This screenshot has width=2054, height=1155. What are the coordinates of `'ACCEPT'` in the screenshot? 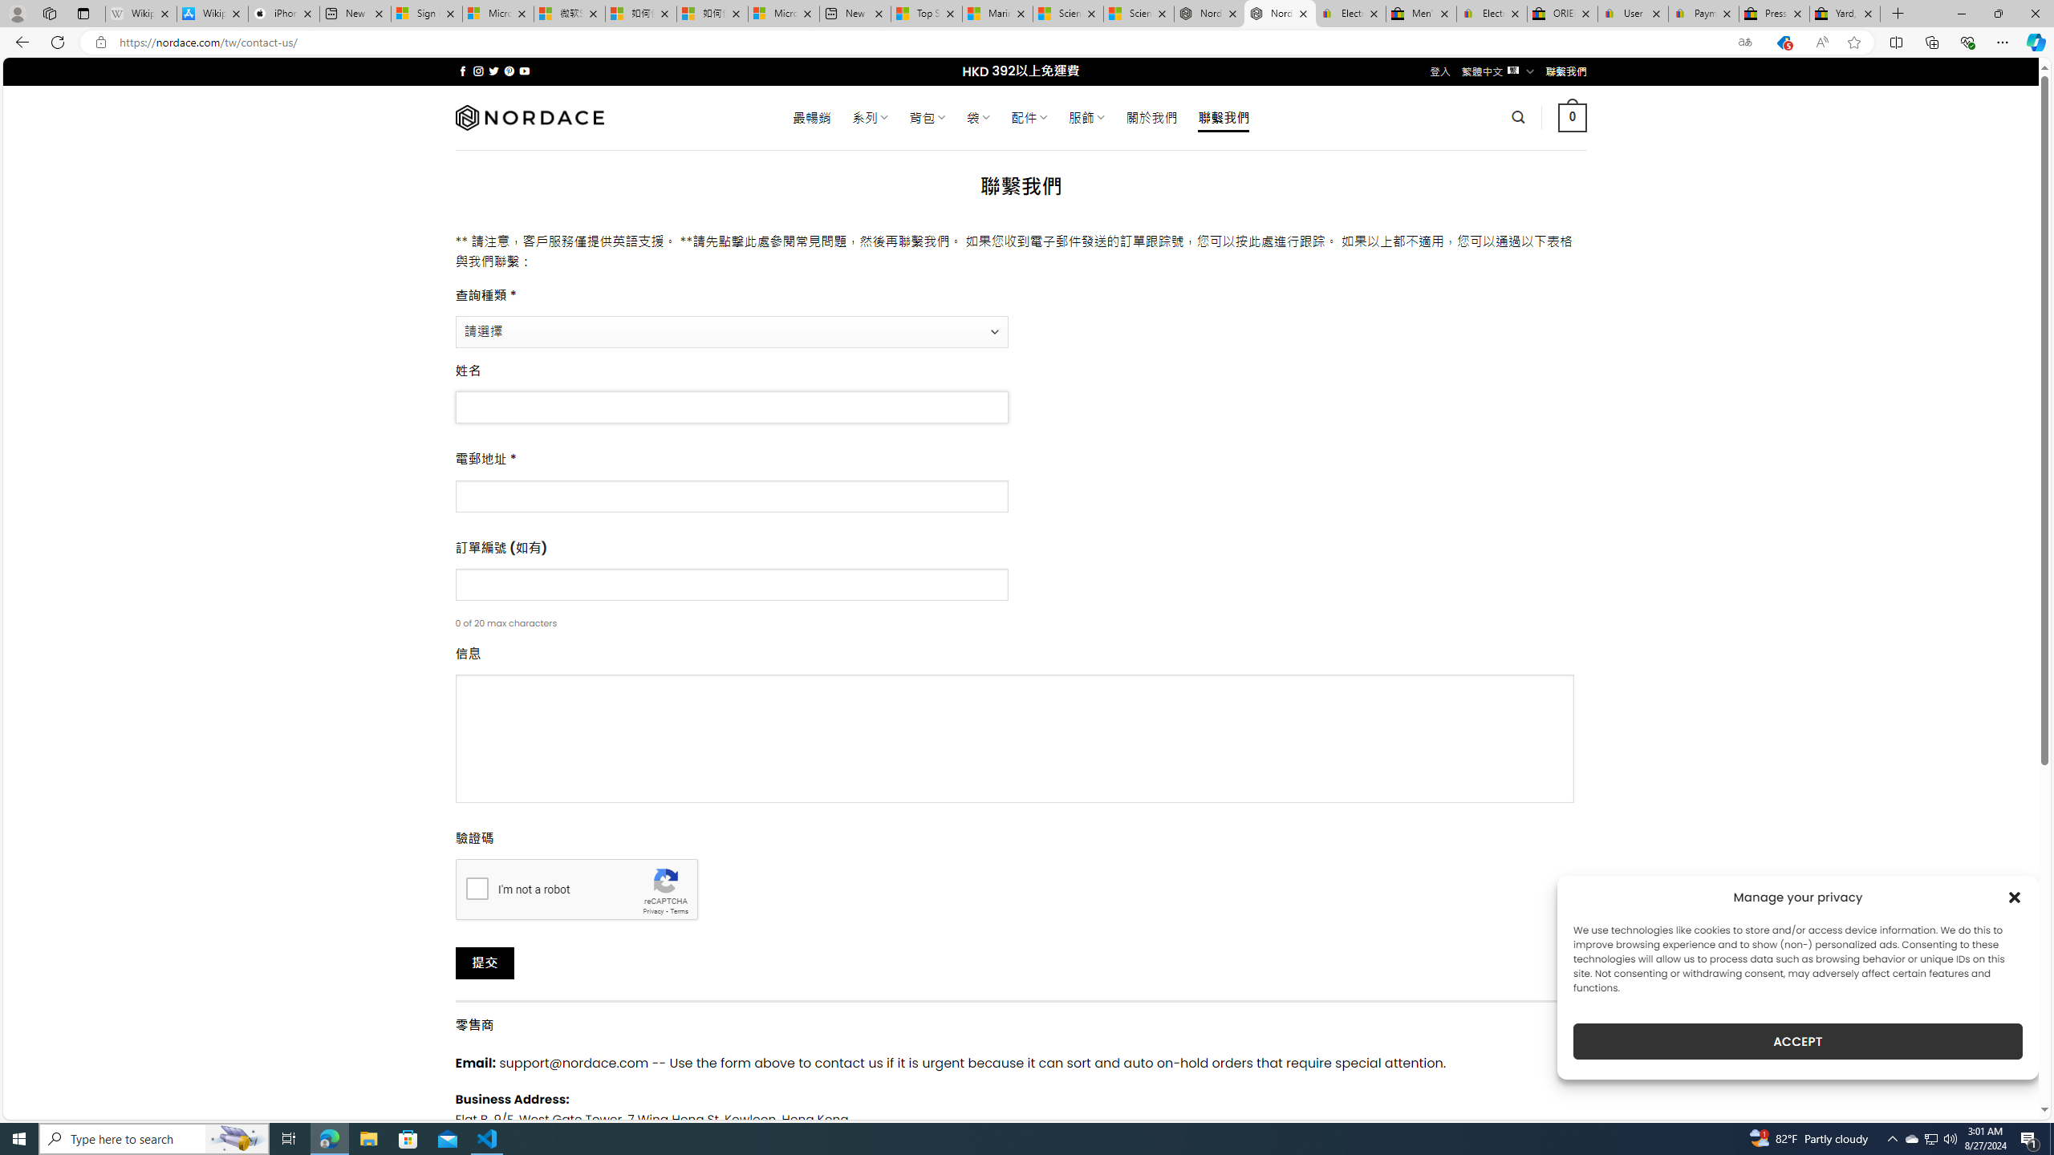 It's located at (1798, 1041).